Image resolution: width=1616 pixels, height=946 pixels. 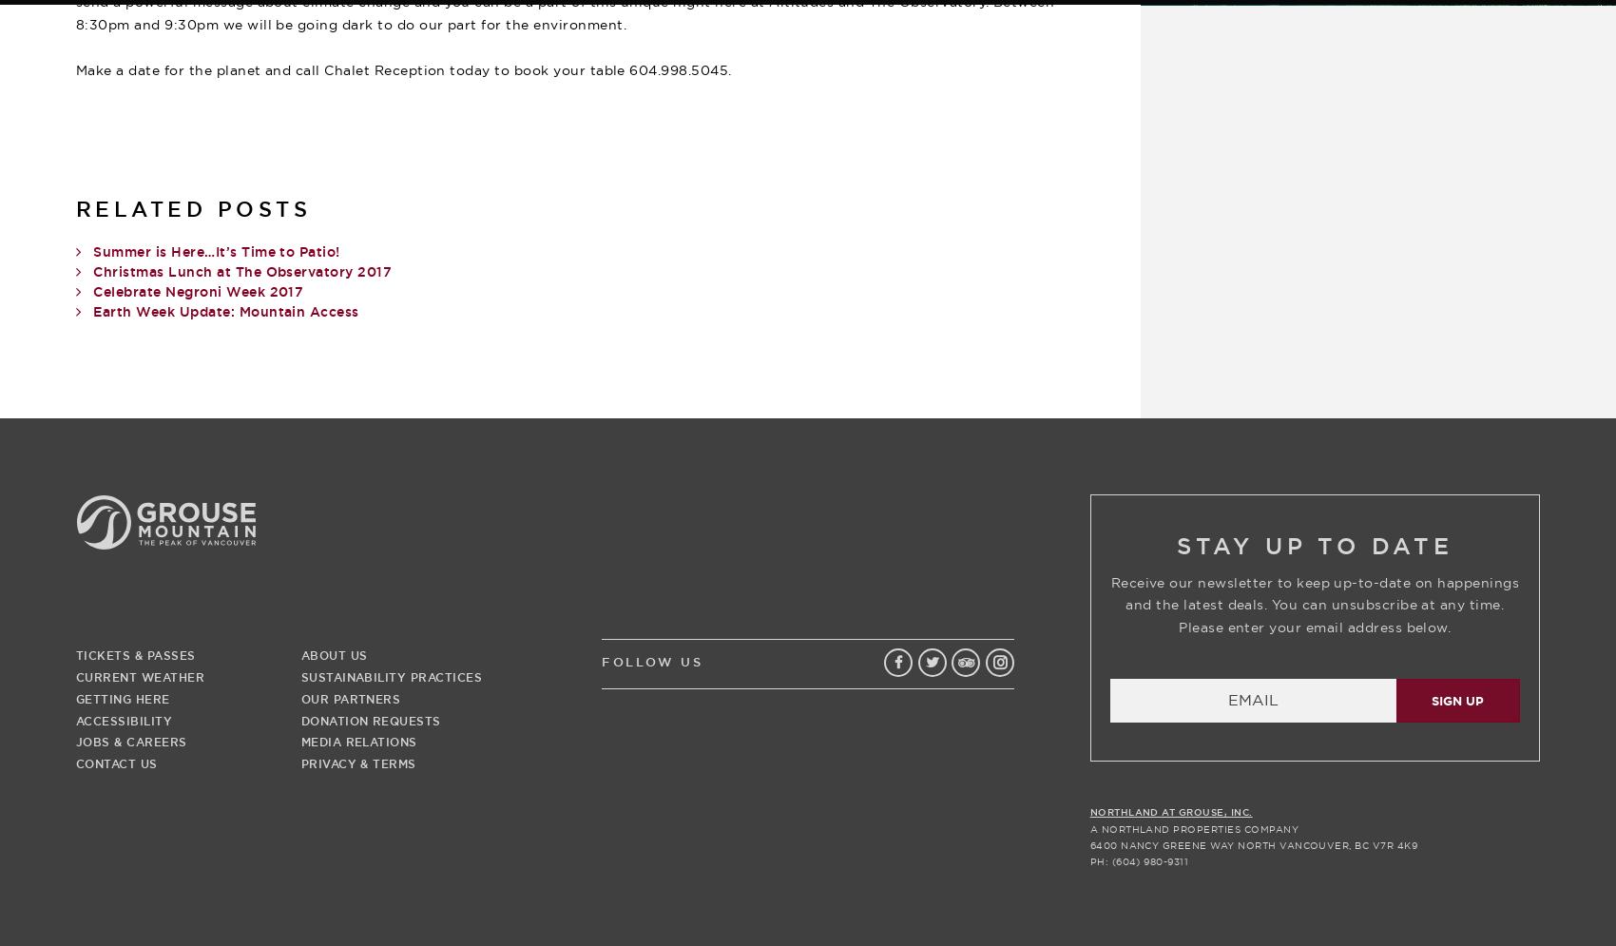 What do you see at coordinates (192, 208) in the screenshot?
I see `'Related Posts'` at bounding box center [192, 208].